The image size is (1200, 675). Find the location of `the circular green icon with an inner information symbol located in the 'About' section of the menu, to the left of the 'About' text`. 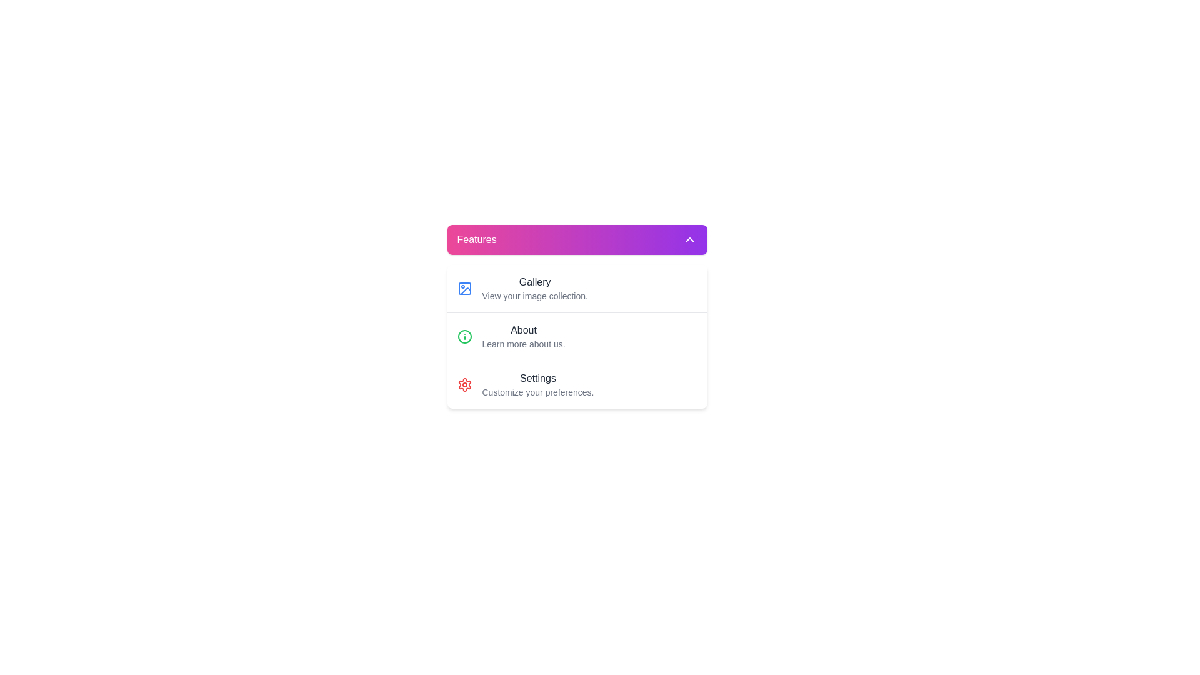

the circular green icon with an inner information symbol located in the 'About' section of the menu, to the left of the 'About' text is located at coordinates (464, 336).